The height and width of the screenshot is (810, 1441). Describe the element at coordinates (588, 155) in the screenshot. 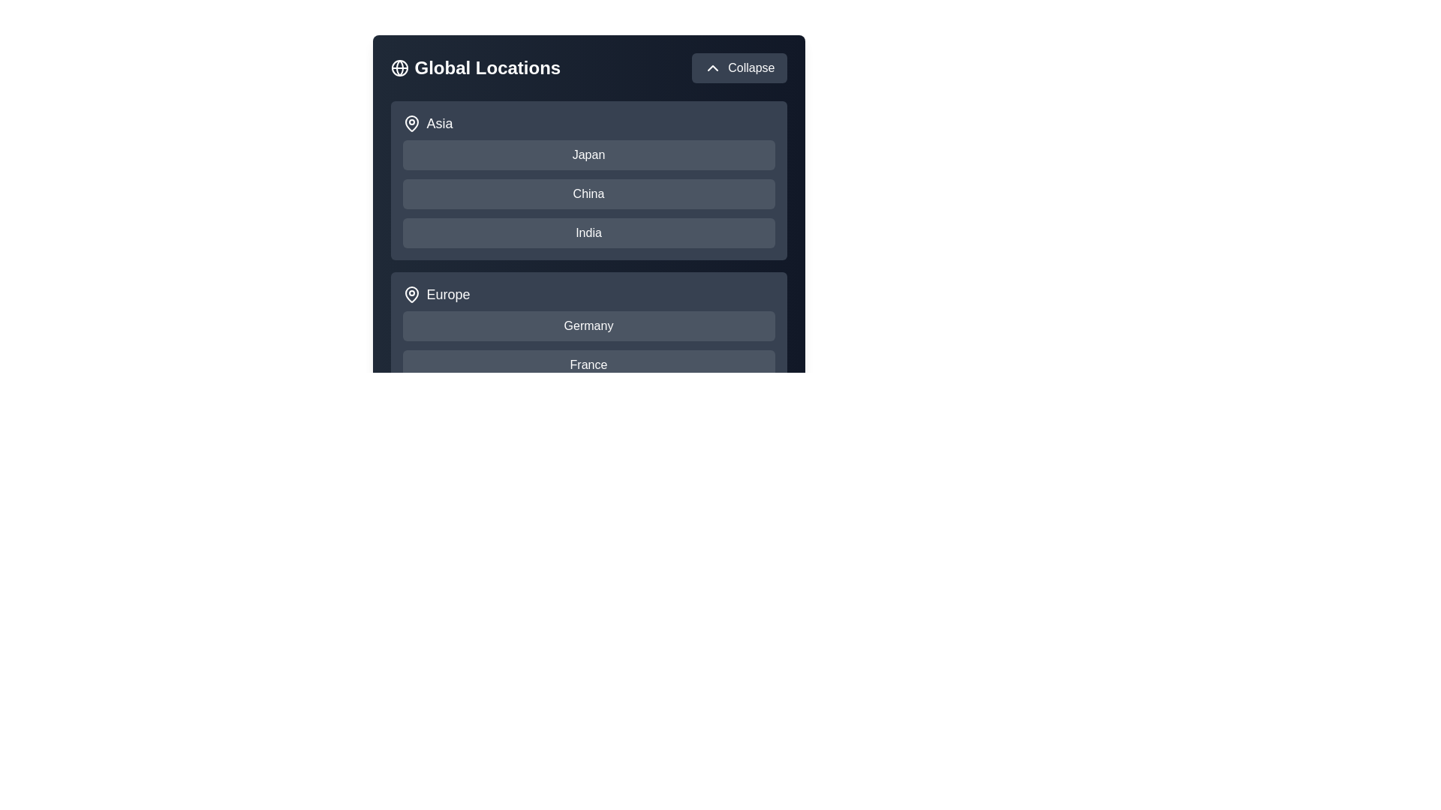

I see `the country Japan to select it` at that location.